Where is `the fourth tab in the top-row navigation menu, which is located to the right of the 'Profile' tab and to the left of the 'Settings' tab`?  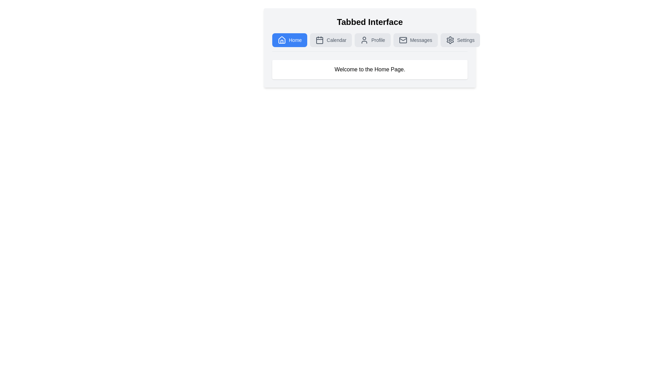
the fourth tab in the top-row navigation menu, which is located to the right of the 'Profile' tab and to the left of the 'Settings' tab is located at coordinates (415, 40).